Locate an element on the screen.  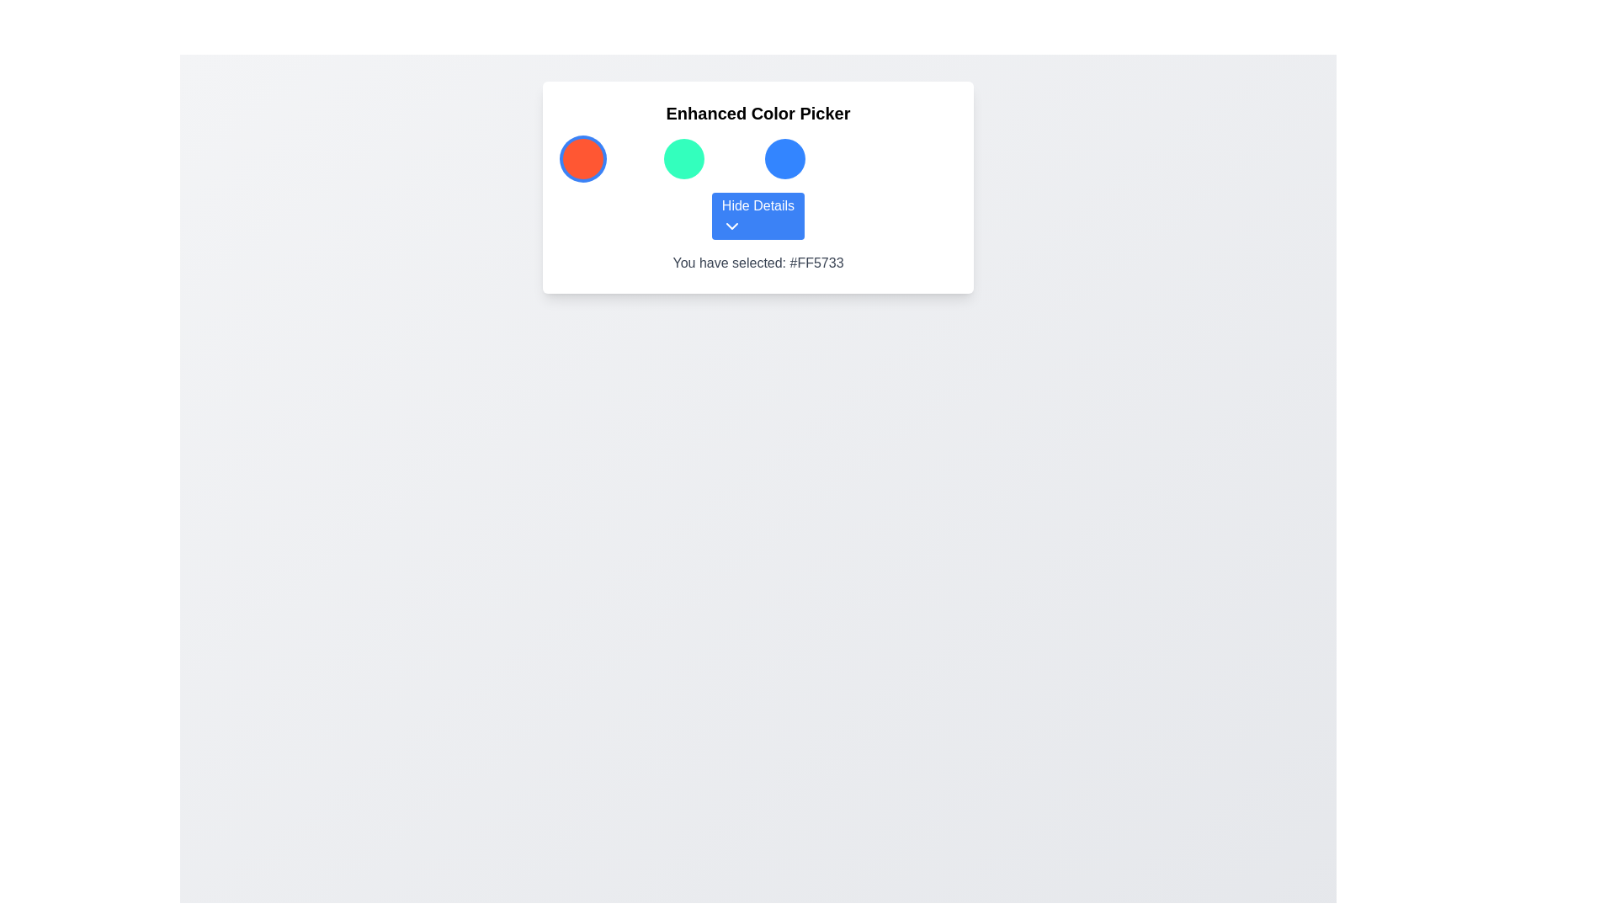
the downward-facing chevron icon located within the 'Hide Details' button is located at coordinates (731, 226).